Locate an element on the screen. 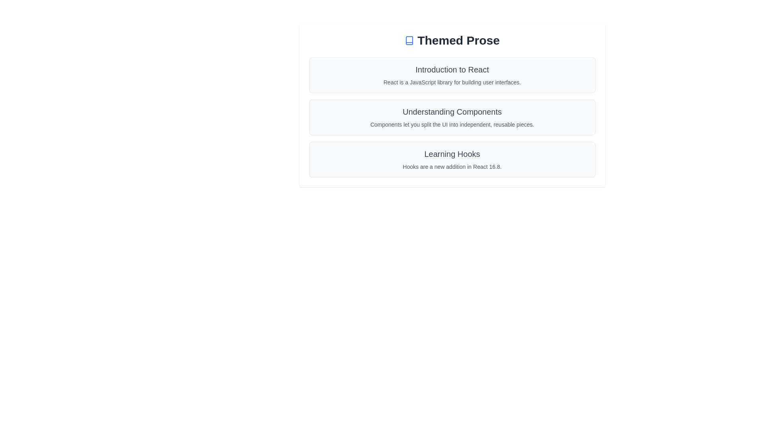 This screenshot has height=430, width=764. the text block that provides additional information related to the title 'Understanding Components' is located at coordinates (452, 124).